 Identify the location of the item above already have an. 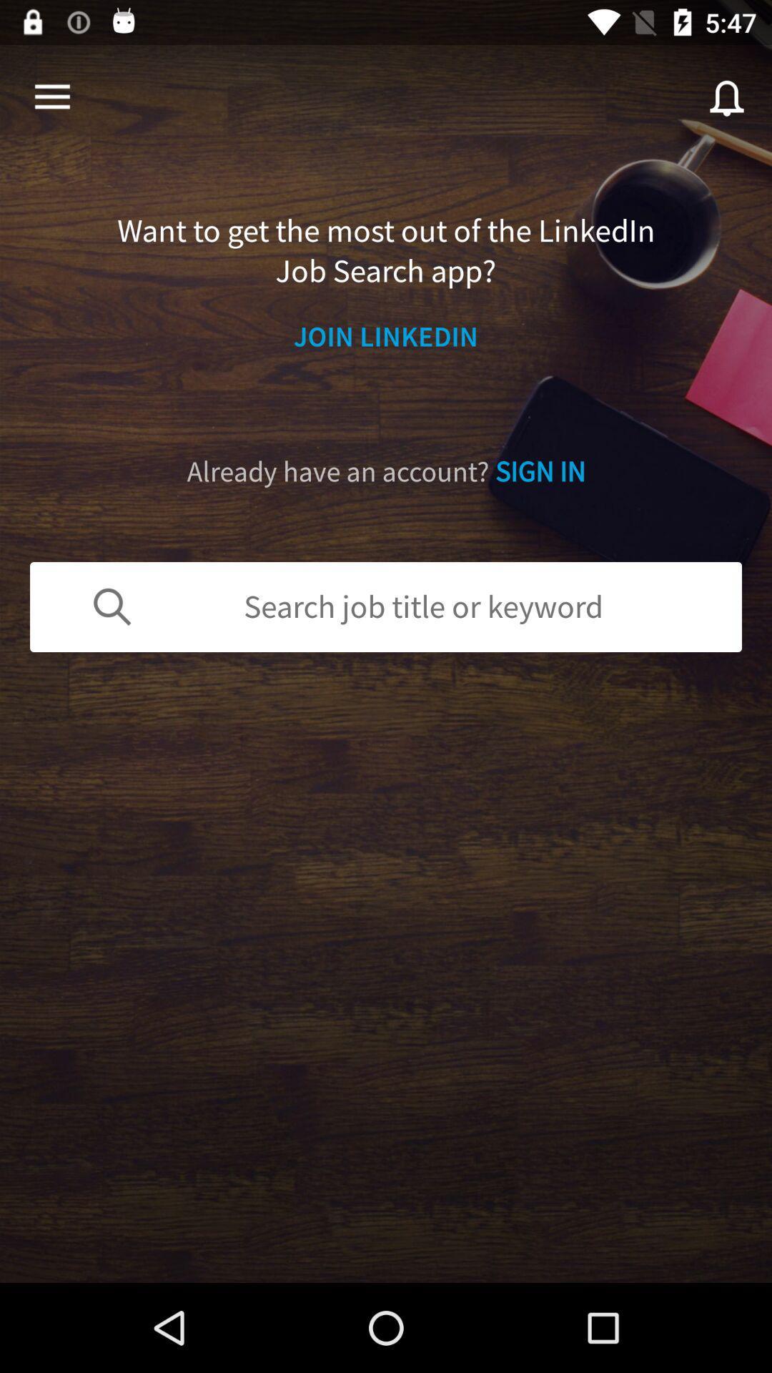
(386, 335).